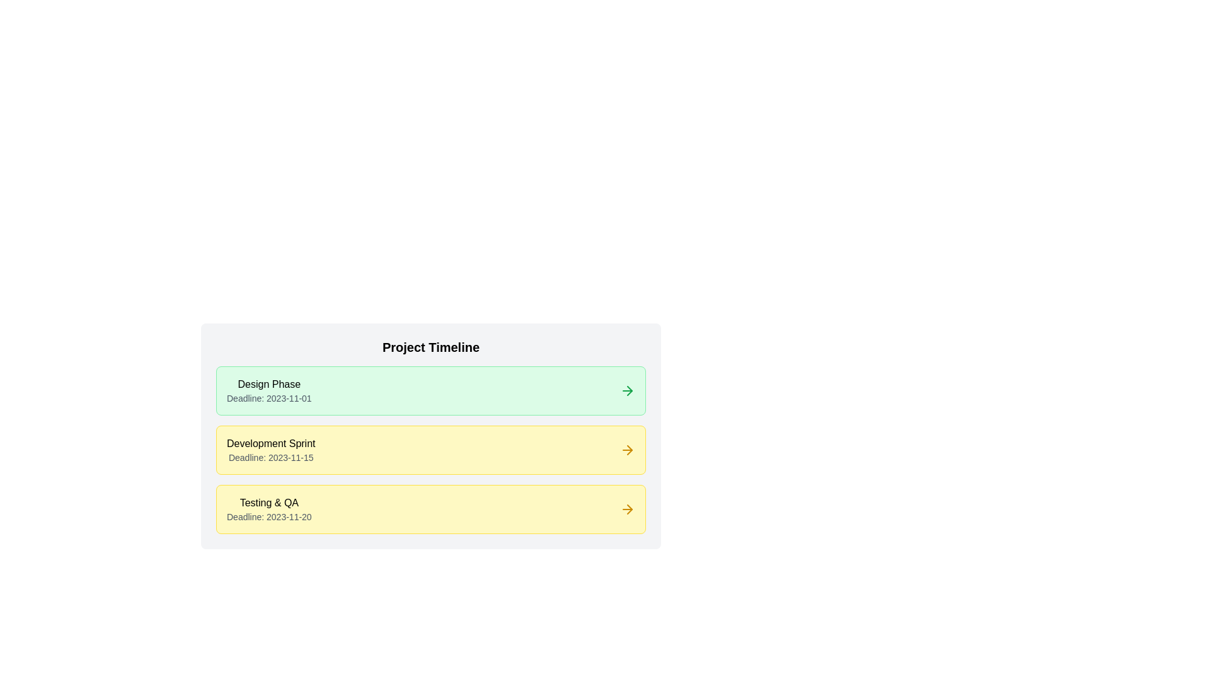 This screenshot has width=1210, height=681. Describe the element at coordinates (268, 508) in the screenshot. I see `displayed text from the 'Testing & QA' label located in the bottom section of the yellow card, which is the third card in the vertically stacked list under the 'Project Timeline' heading` at that location.